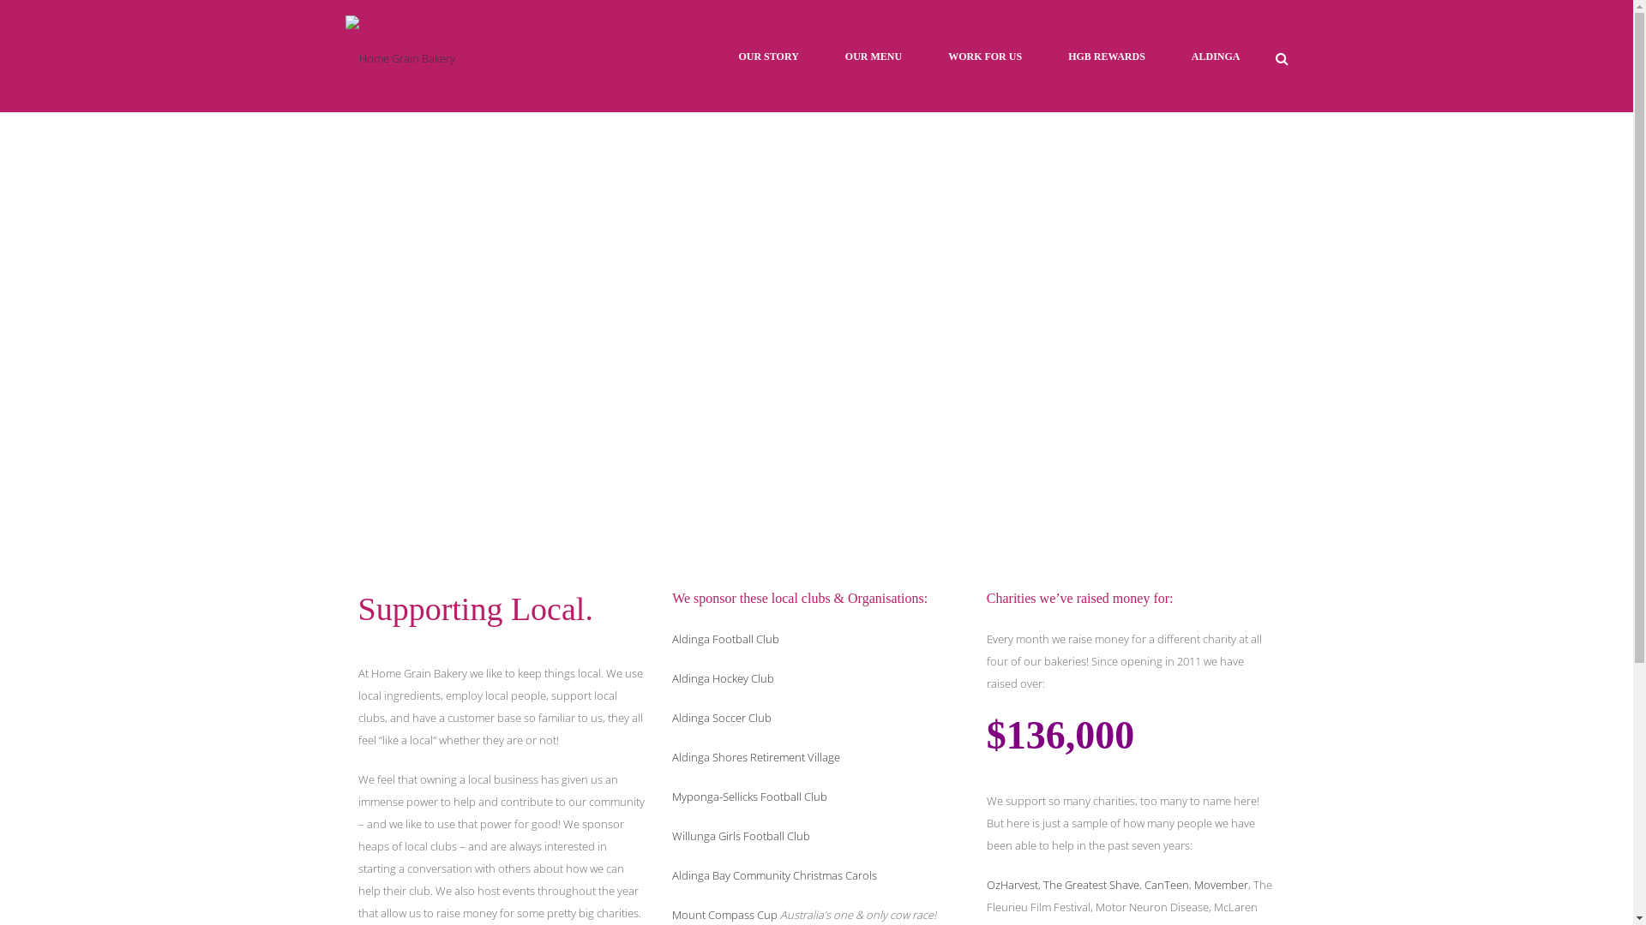 The image size is (1646, 925). Describe the element at coordinates (723, 677) in the screenshot. I see `'Aldinga Hockey Club'` at that location.